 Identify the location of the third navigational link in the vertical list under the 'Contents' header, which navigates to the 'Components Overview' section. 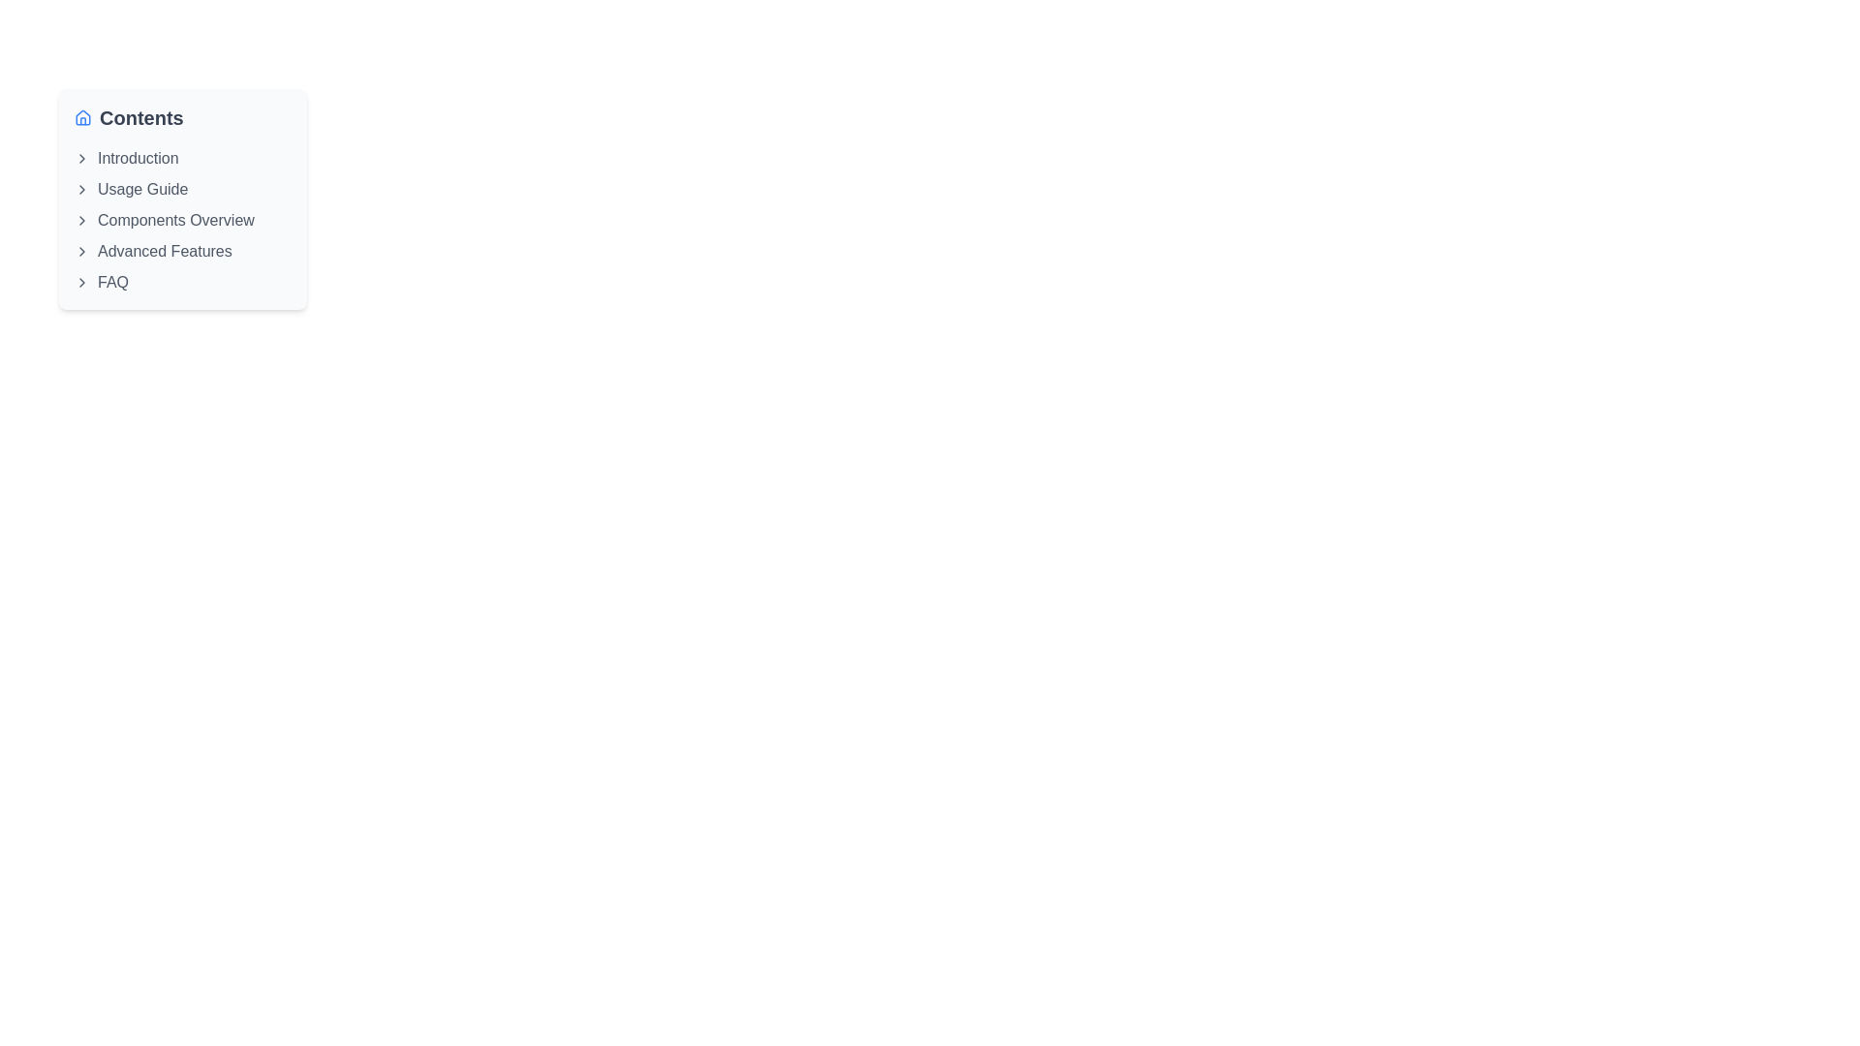
(182, 219).